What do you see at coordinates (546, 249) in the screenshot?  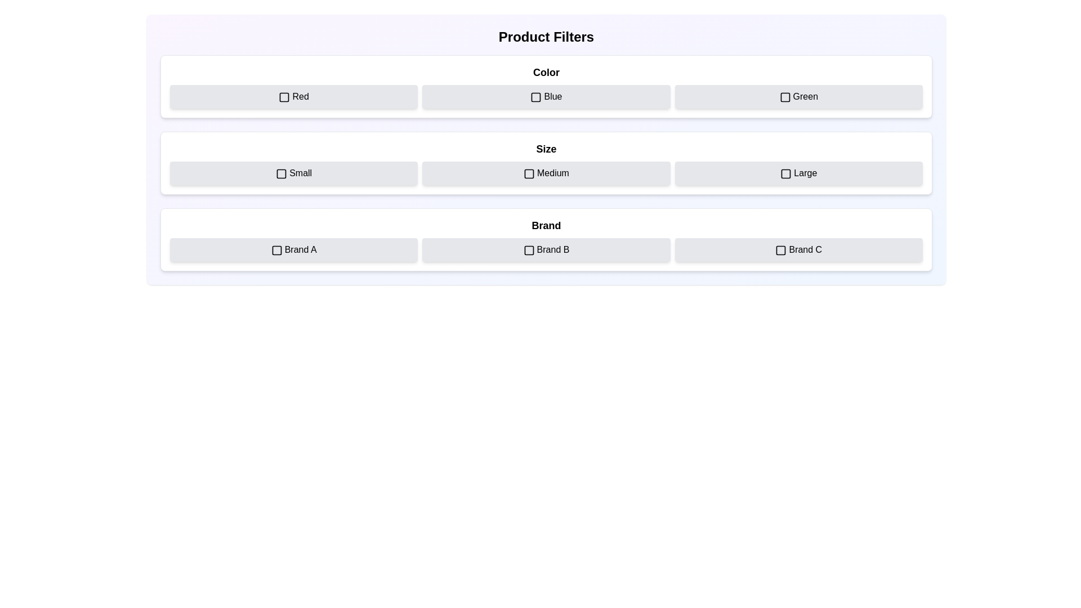 I see `the button labeled 'Brand B' which features a checkbox icon and a light gray background with rounded edges` at bounding box center [546, 249].